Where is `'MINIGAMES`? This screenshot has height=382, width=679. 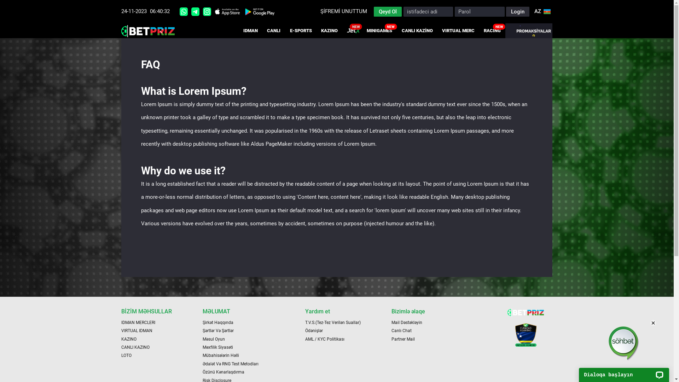 'MINIGAMES is located at coordinates (379, 30).